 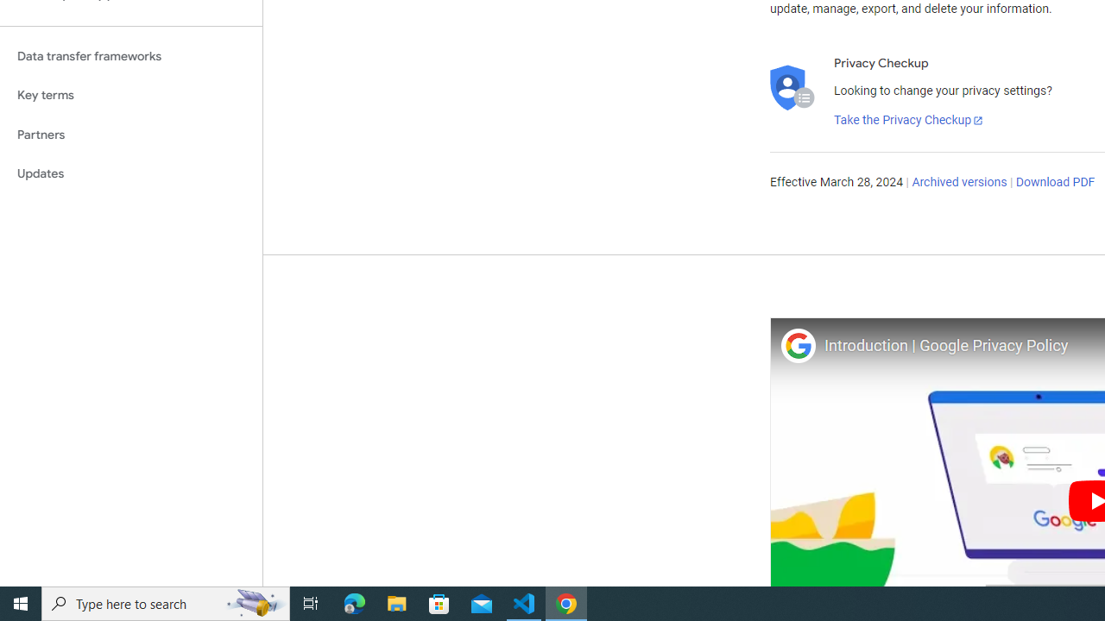 I want to click on 'Data transfer frameworks', so click(x=130, y=55).